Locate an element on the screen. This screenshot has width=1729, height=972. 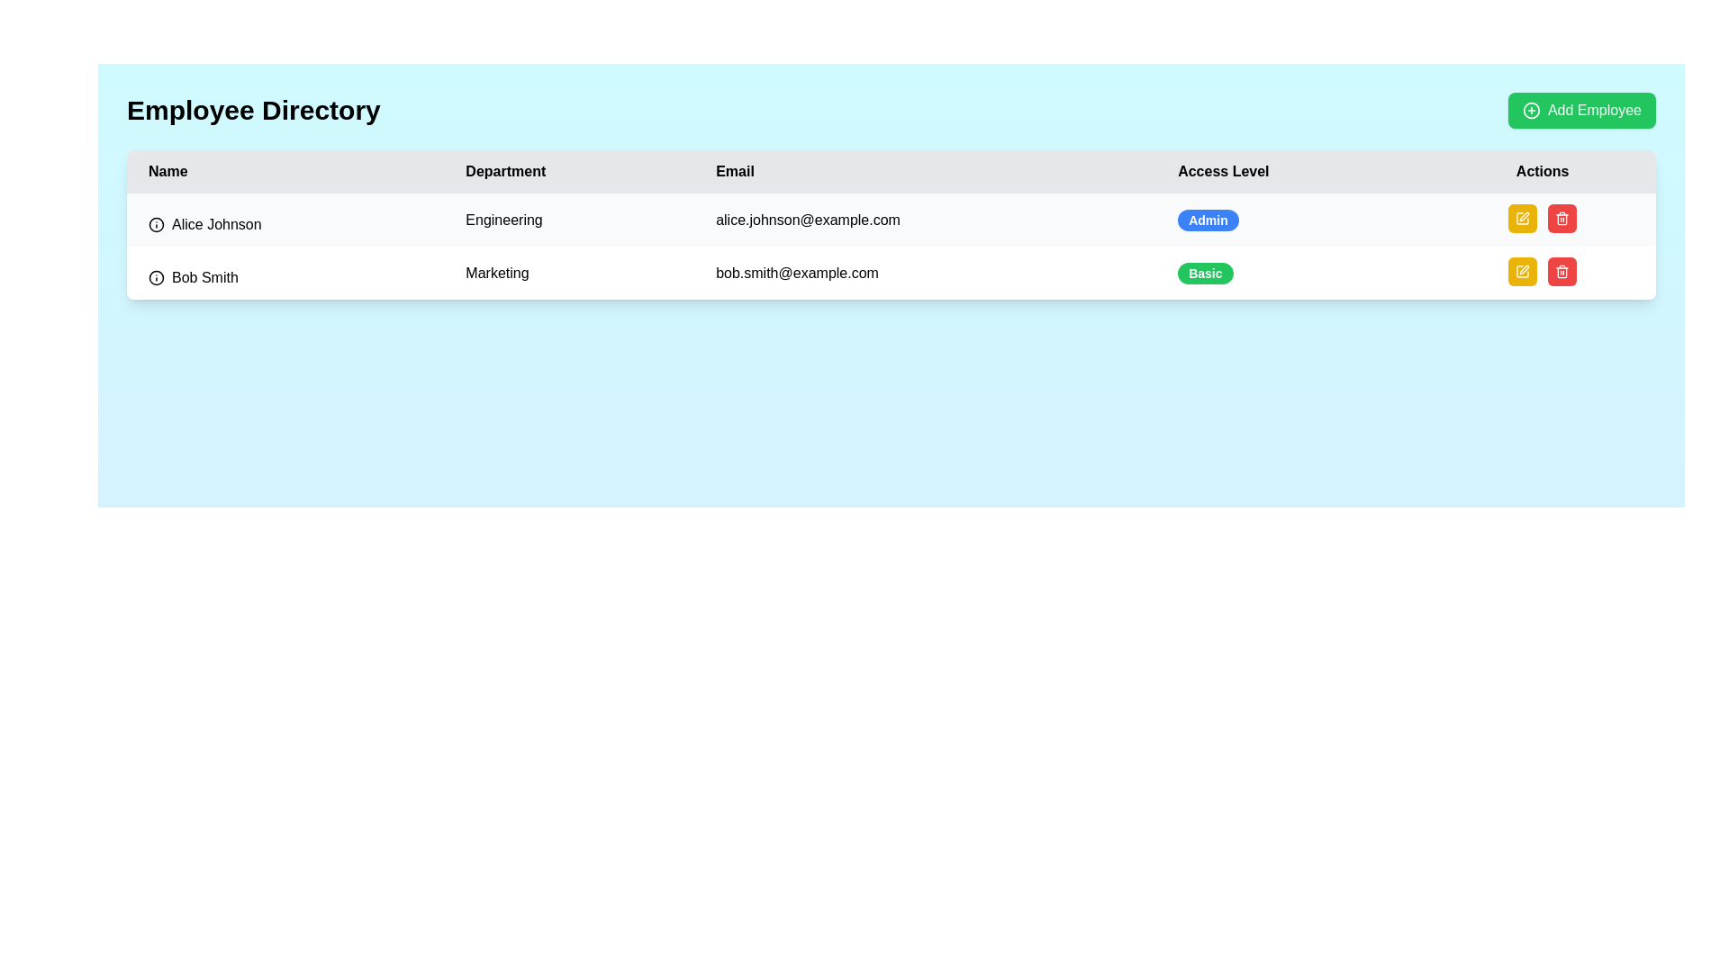
the red button with a white trash can icon, located at the far-right end of the 'Actions' column in the second row of the employee list is located at coordinates (1562, 271).